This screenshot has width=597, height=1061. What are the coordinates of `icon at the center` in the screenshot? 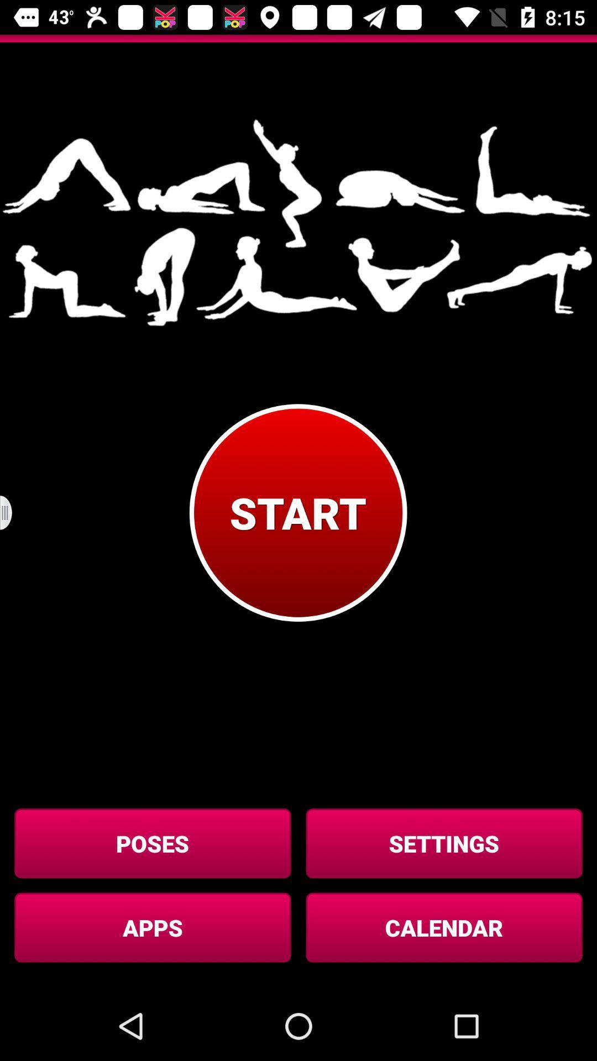 It's located at (297, 512).